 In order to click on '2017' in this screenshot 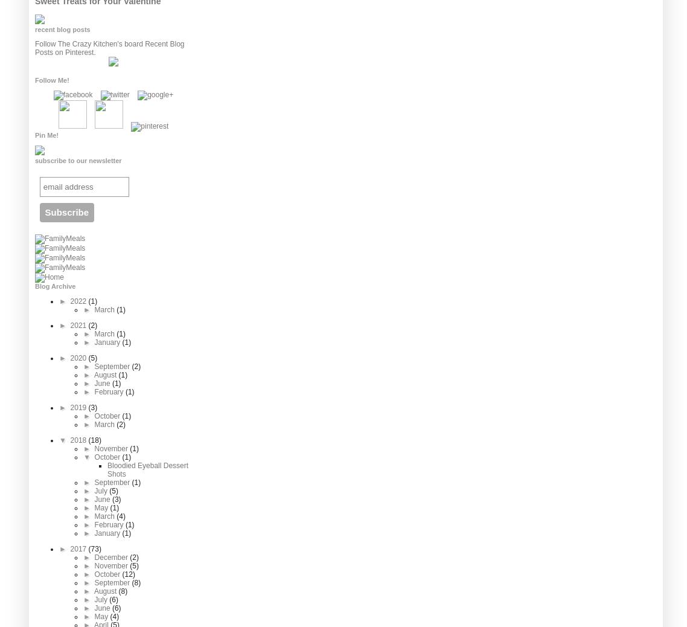, I will do `click(69, 548)`.